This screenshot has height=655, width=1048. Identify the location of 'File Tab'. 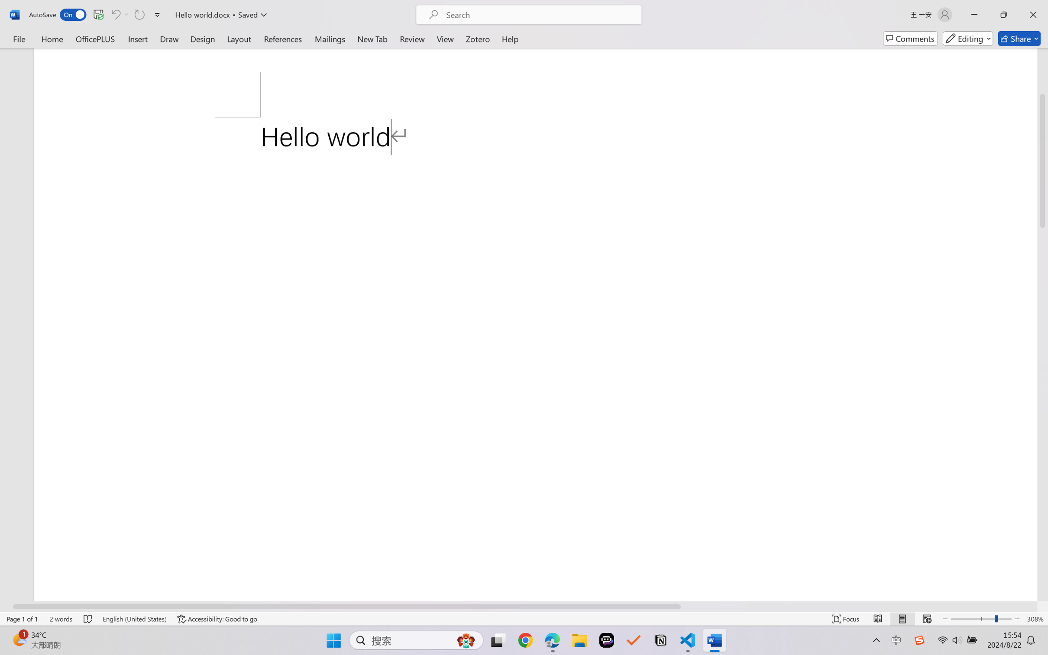
(19, 38).